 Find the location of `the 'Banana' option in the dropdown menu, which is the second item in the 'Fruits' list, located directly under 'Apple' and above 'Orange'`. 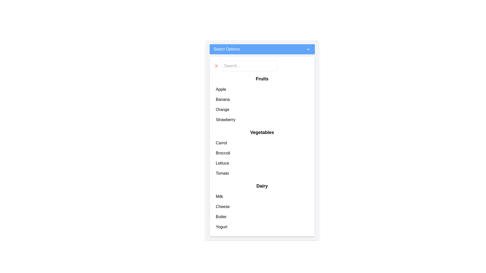

the 'Banana' option in the dropdown menu, which is the second item in the 'Fruits' list, located directly under 'Apple' and above 'Orange' is located at coordinates (262, 99).